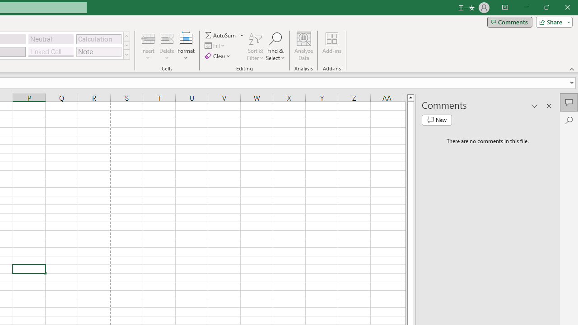  What do you see at coordinates (186, 46) in the screenshot?
I see `'Format'` at bounding box center [186, 46].